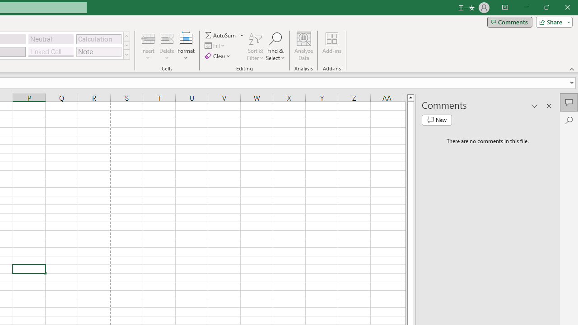  What do you see at coordinates (186, 46) in the screenshot?
I see `'Format'` at bounding box center [186, 46].